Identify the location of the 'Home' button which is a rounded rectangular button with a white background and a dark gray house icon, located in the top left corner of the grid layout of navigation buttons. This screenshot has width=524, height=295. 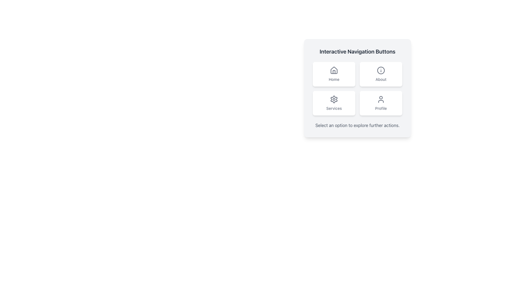
(334, 74).